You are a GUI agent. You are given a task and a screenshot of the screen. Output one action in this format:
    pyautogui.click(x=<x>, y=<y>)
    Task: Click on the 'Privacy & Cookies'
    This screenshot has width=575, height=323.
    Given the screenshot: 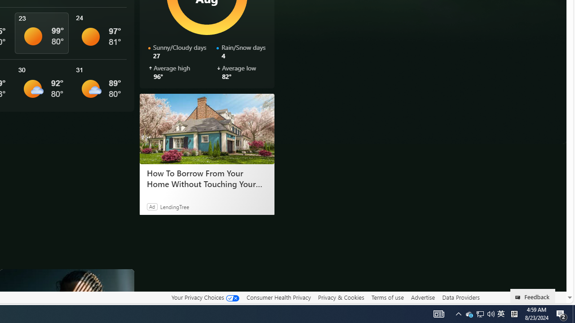 What is the action you would take?
    pyautogui.click(x=341, y=297)
    